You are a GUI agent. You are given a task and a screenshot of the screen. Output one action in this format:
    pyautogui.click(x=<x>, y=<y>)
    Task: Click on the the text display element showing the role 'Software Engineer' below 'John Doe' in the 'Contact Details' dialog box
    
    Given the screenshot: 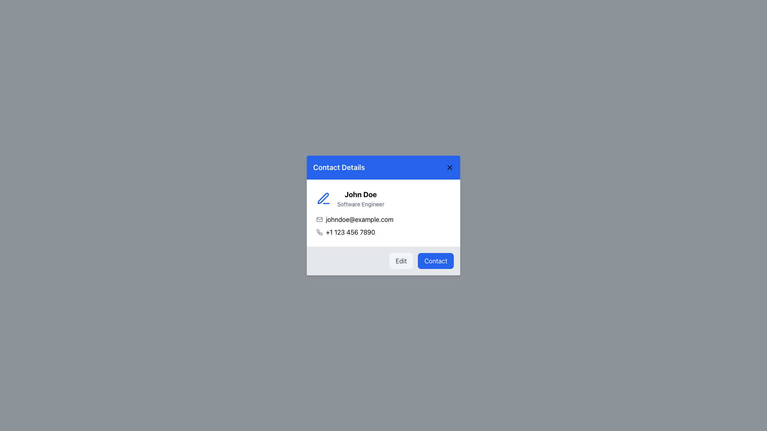 What is the action you would take?
    pyautogui.click(x=360, y=204)
    